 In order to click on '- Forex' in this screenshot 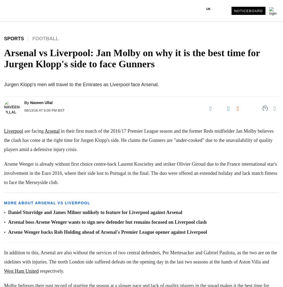, I will do `click(12, 239)`.